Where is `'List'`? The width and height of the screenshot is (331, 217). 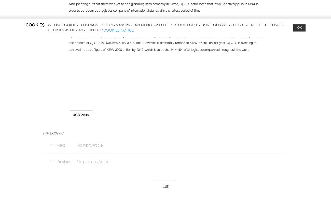 'List' is located at coordinates (162, 186).